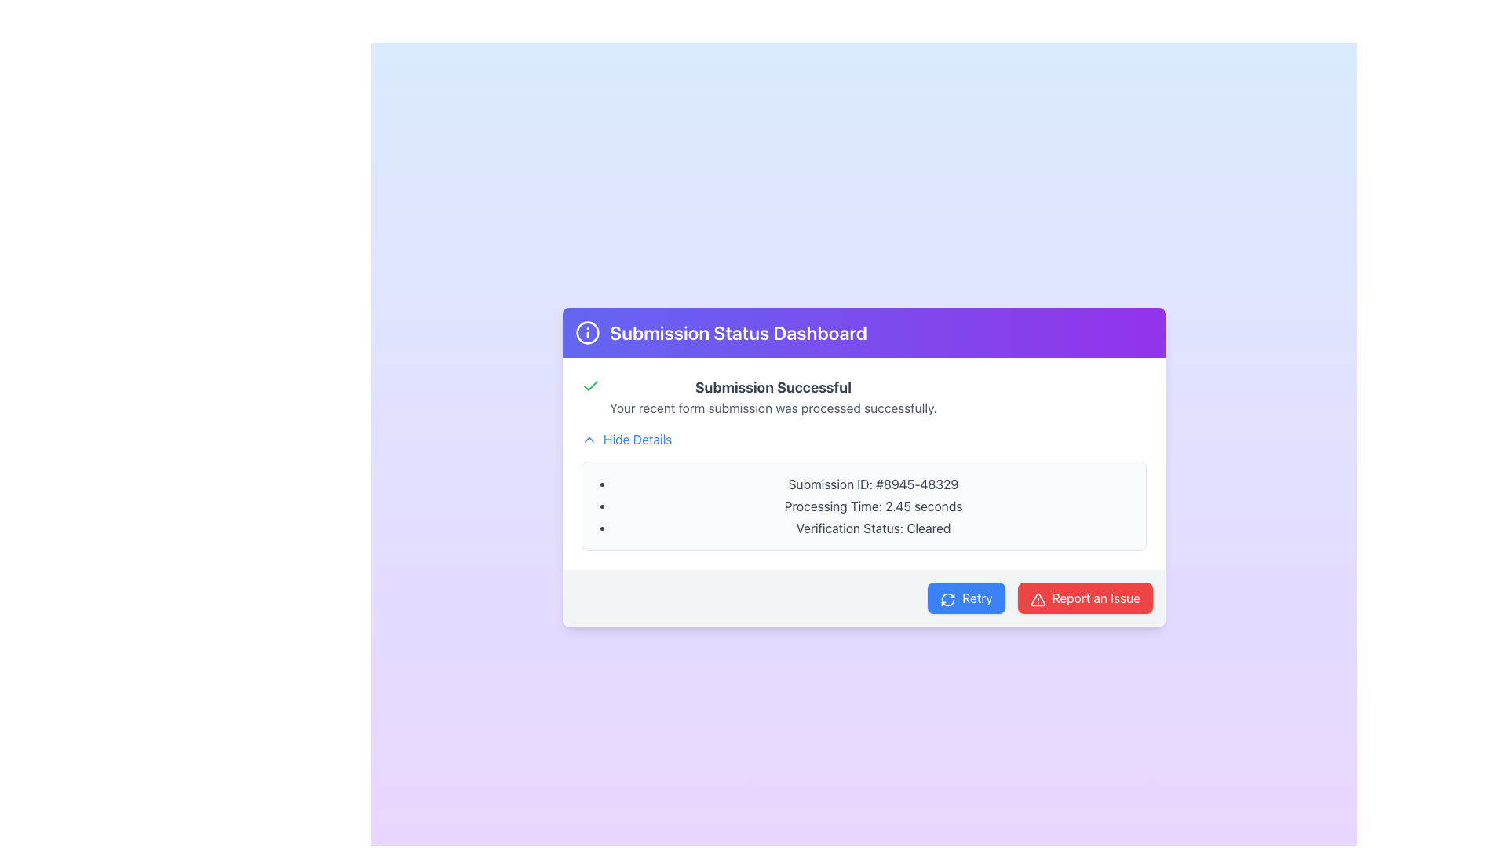 This screenshot has width=1507, height=848. Describe the element at coordinates (873, 506) in the screenshot. I see `the Text label that indicates the processing time for a submission, located between 'Submission ID: #8945-48329' and 'Verification Status: Cleared'` at that location.